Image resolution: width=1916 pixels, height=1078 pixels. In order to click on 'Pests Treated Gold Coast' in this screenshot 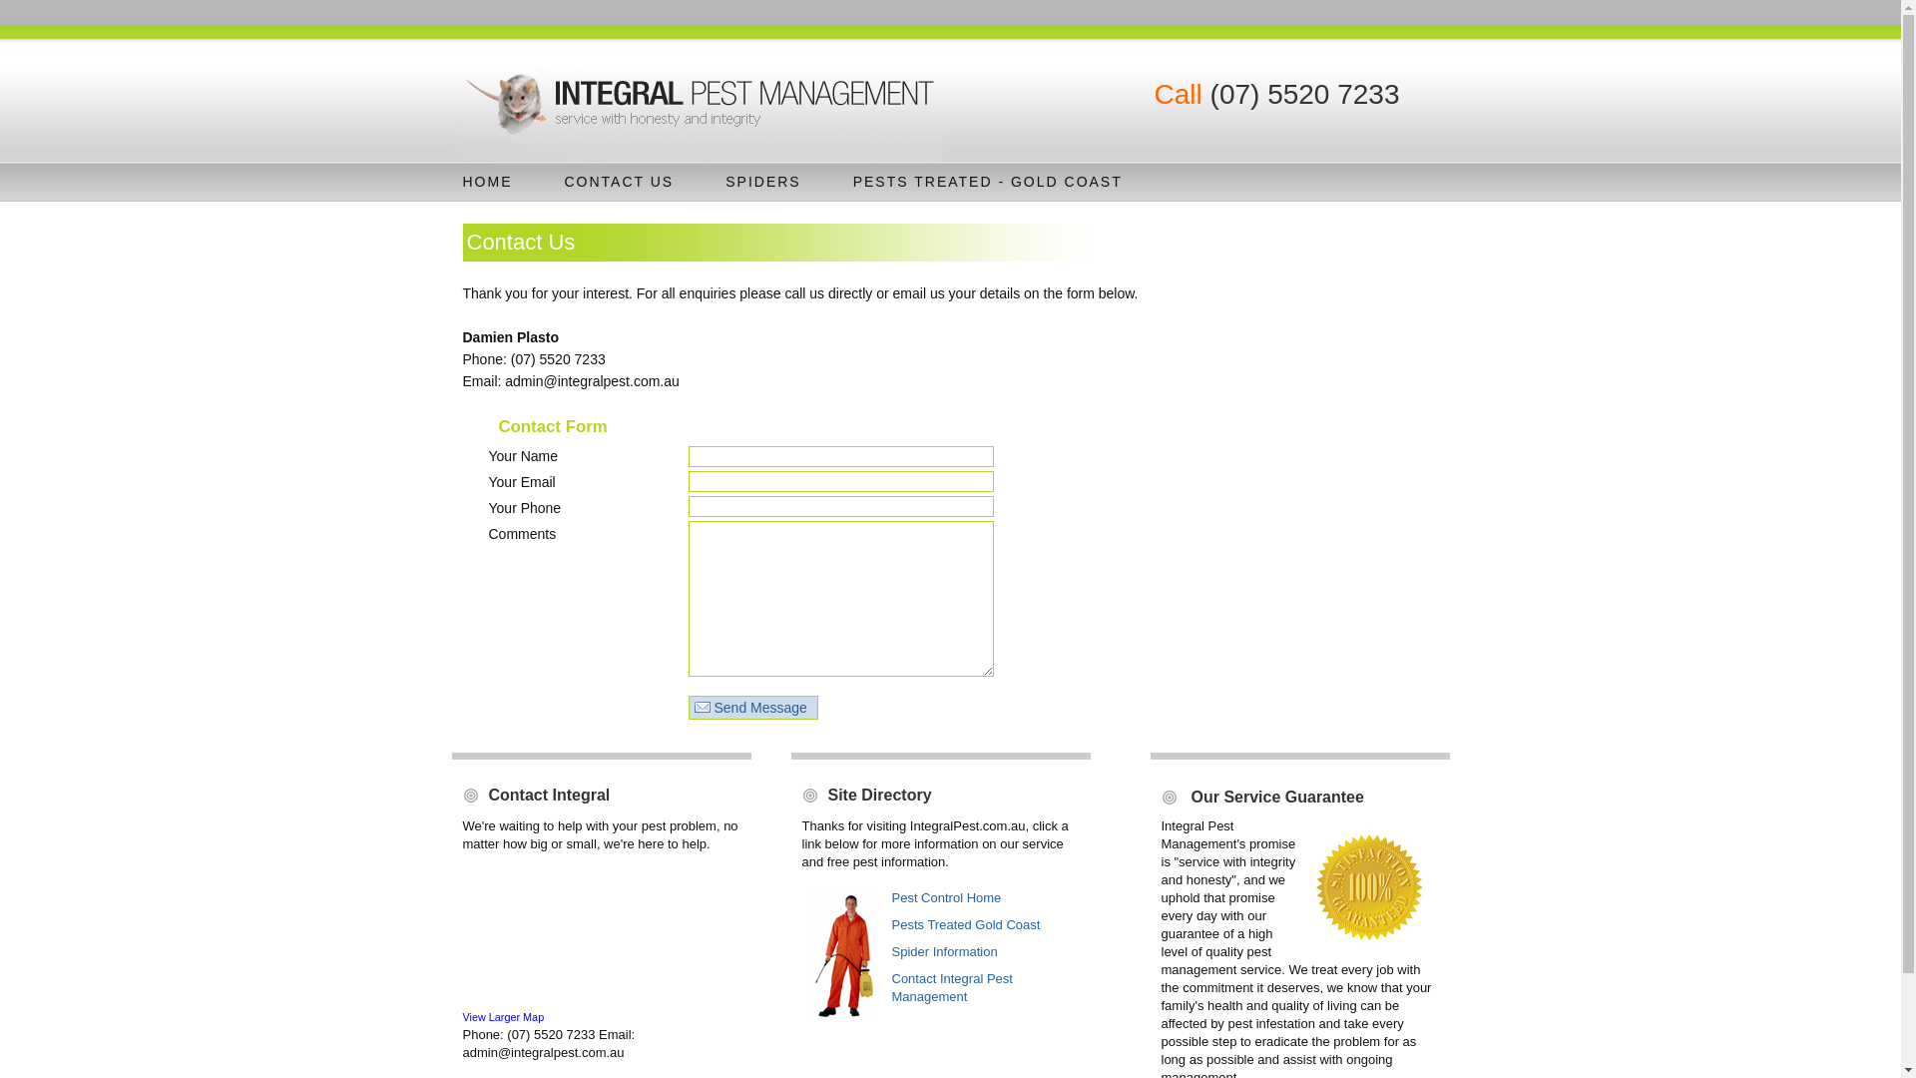, I will do `click(966, 924)`.